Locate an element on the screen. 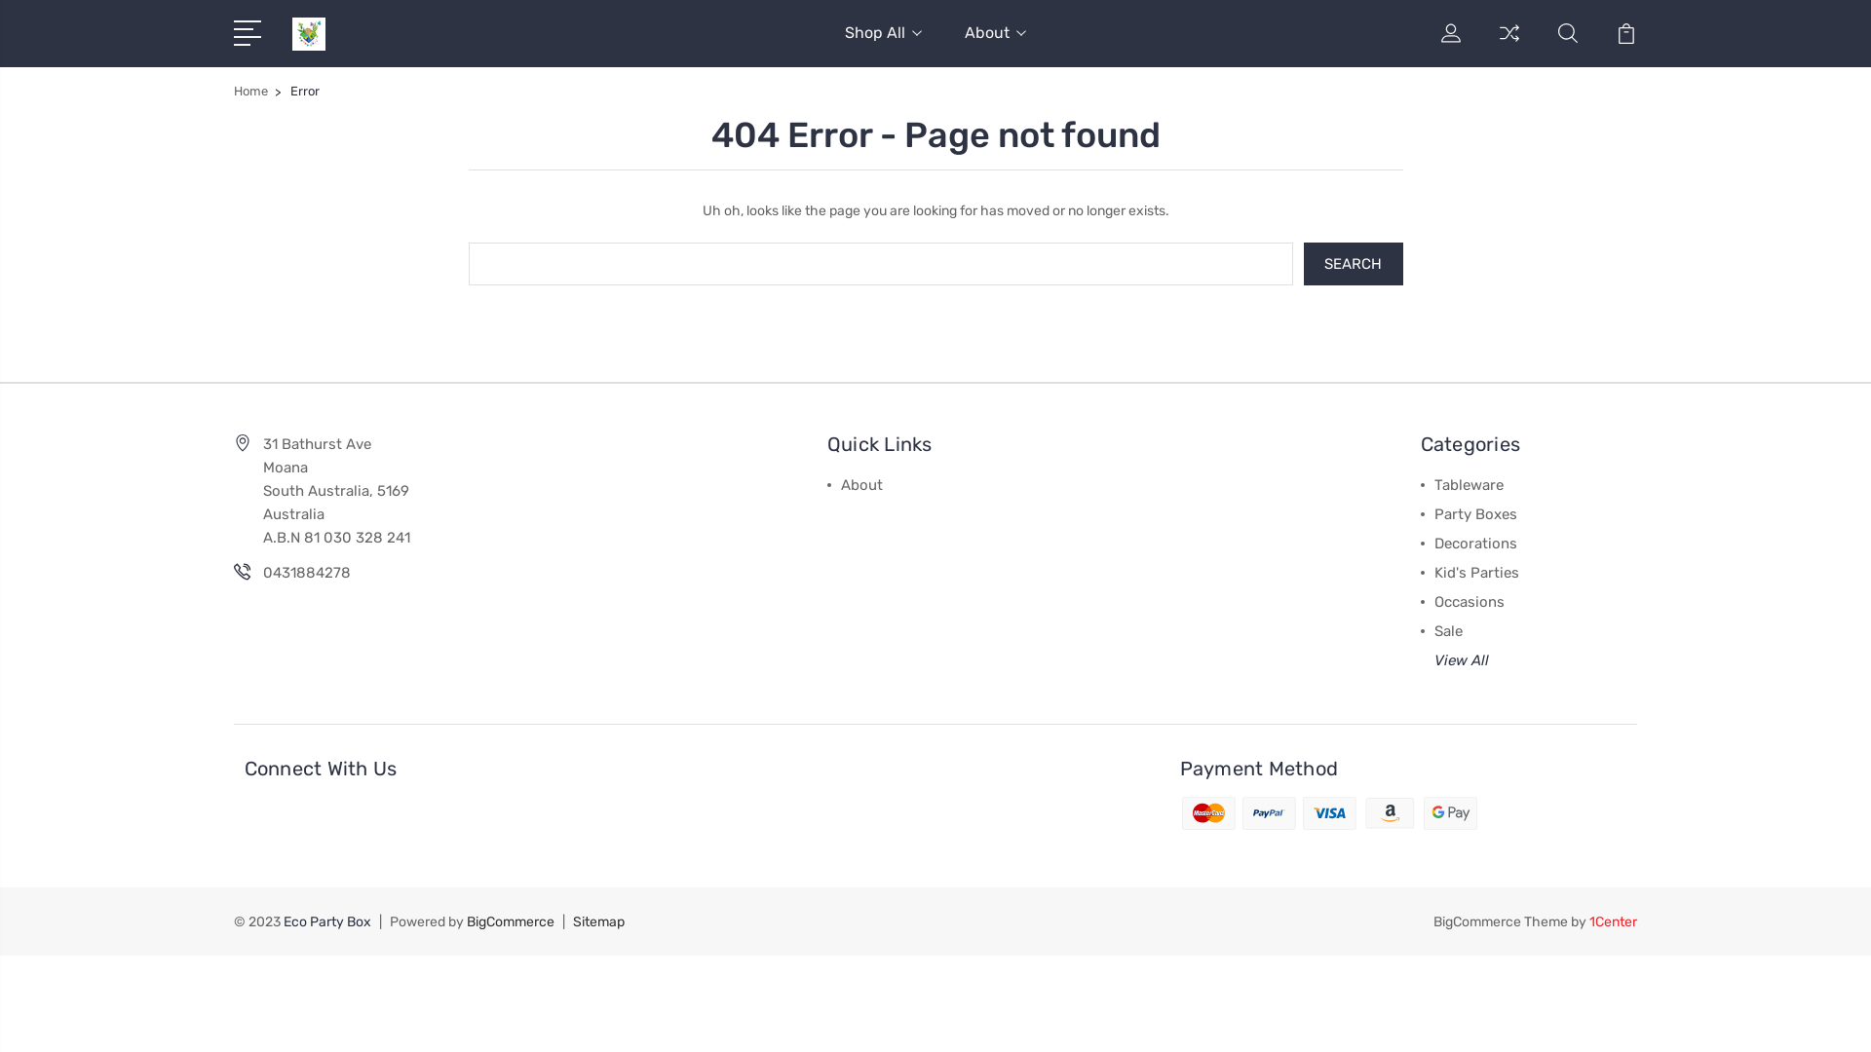 The width and height of the screenshot is (1871, 1052). 'BigCommerce' is located at coordinates (510, 920).